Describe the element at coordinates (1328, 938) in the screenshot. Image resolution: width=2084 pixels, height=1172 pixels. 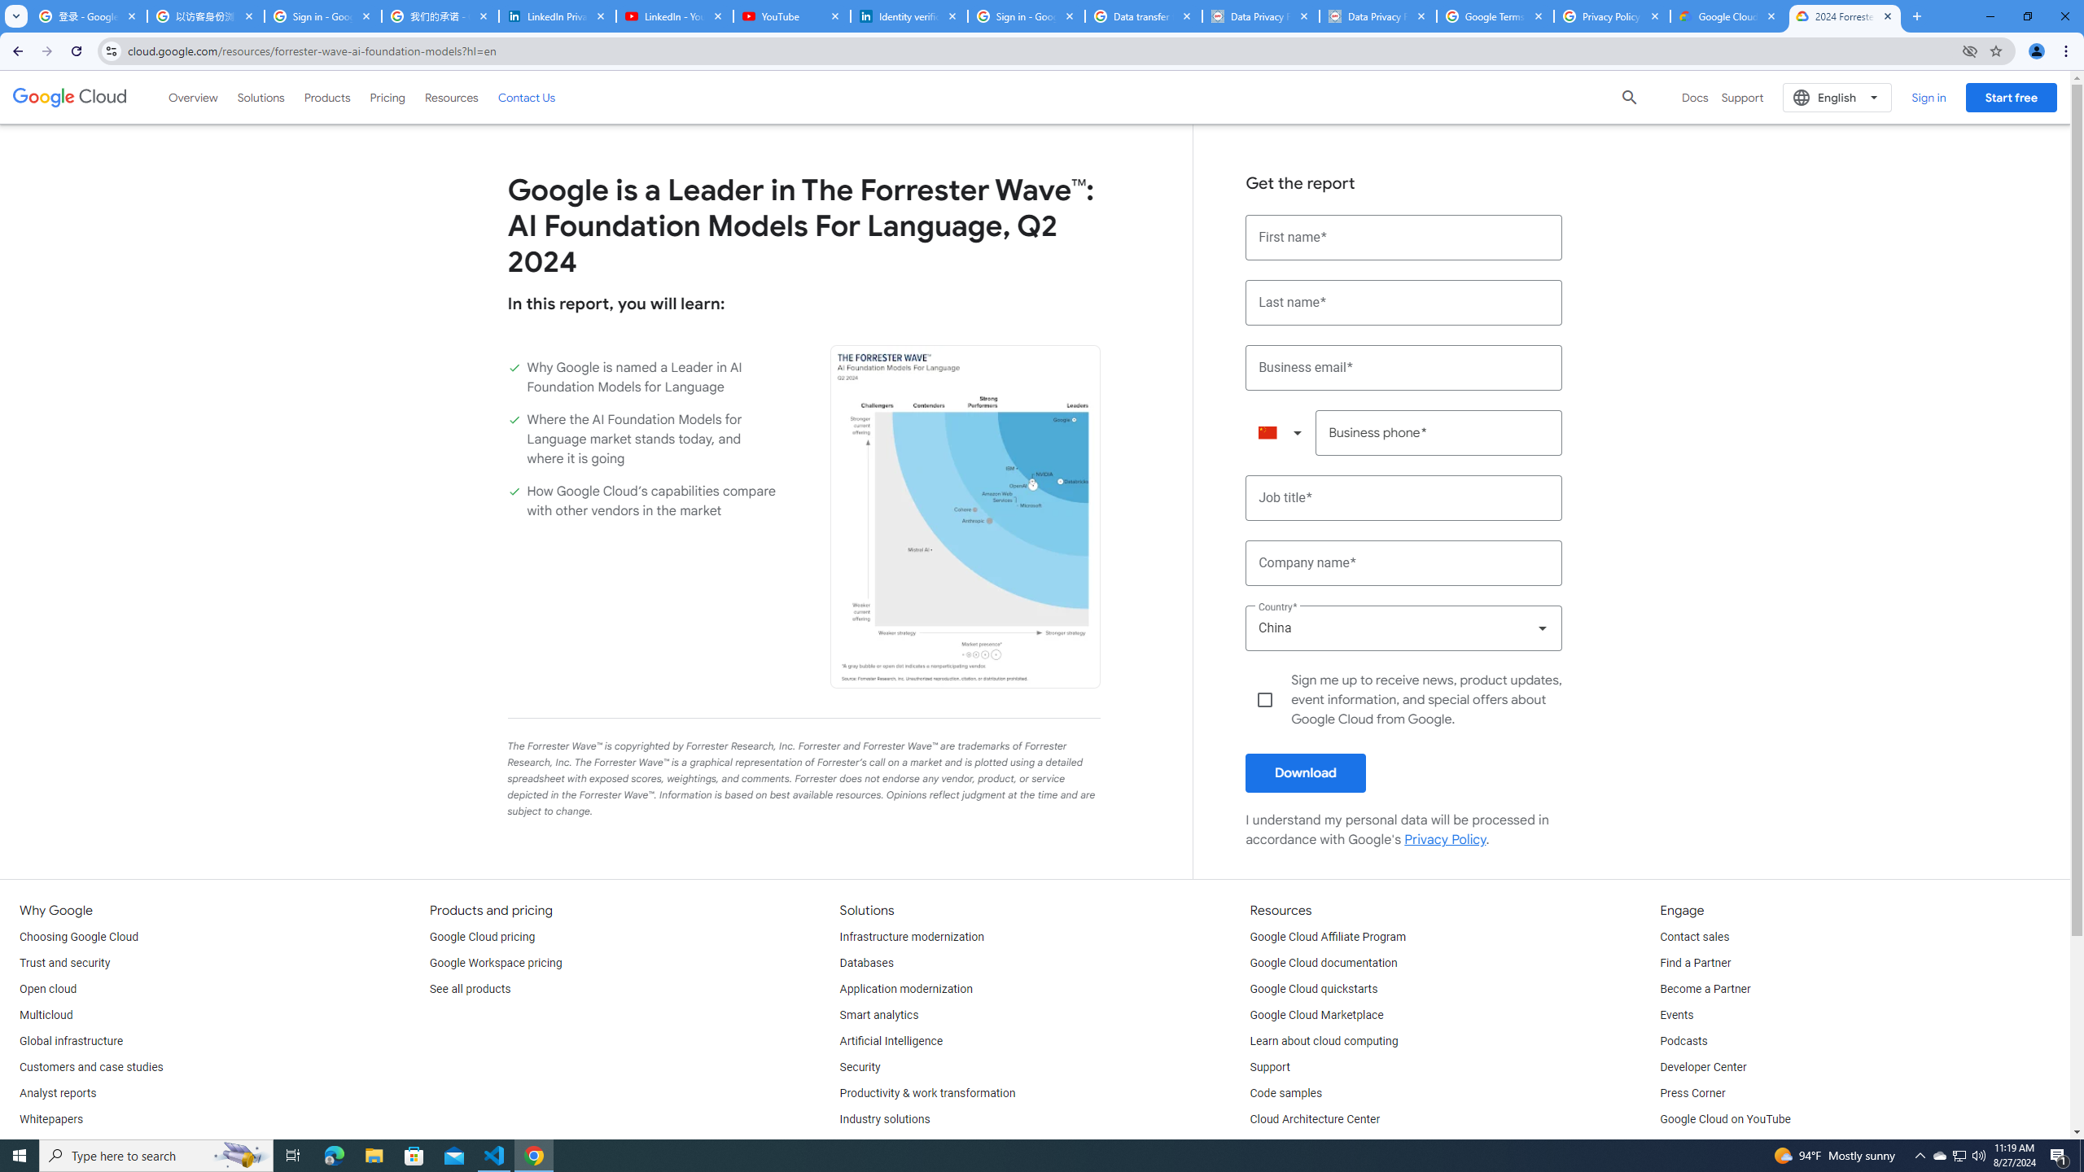
I see `'Google Cloud Affiliate Program'` at that location.